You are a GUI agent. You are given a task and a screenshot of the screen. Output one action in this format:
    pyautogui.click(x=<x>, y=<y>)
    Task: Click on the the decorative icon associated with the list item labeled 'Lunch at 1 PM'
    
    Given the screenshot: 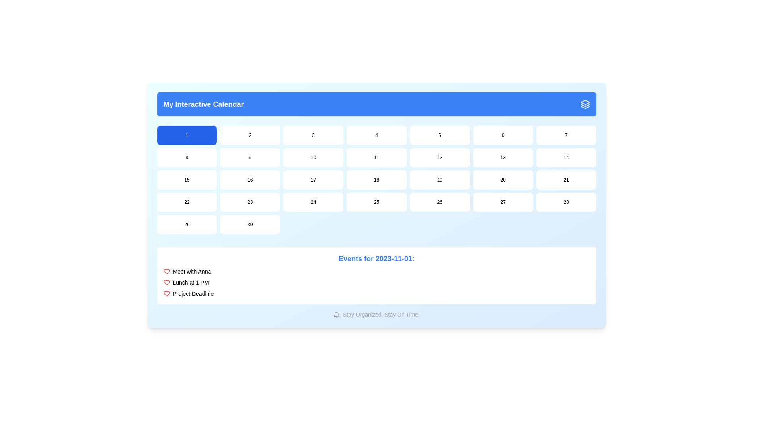 What is the action you would take?
    pyautogui.click(x=166, y=282)
    